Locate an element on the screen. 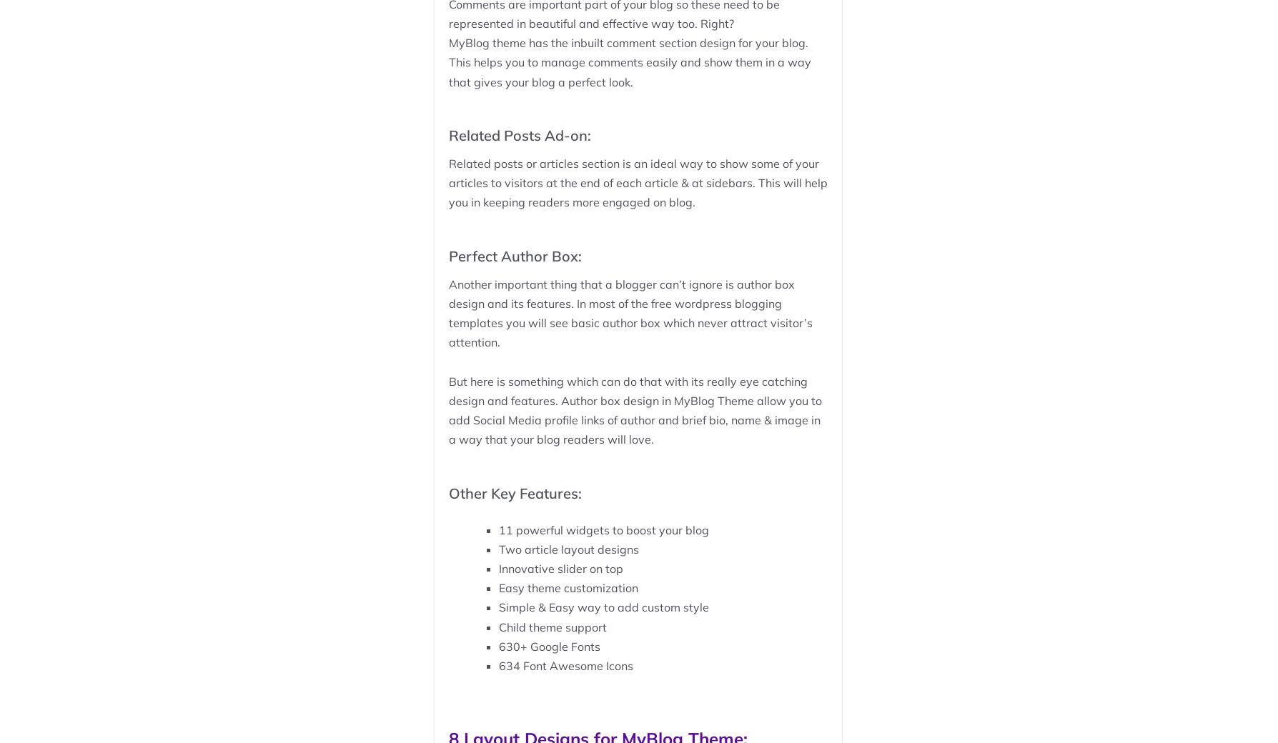 Image resolution: width=1278 pixels, height=743 pixels. 'Related posts or articles section is an ideal way to show some of your articles to visitors at the end of each article & at sidebars. This will help you in keeping readers more engaged on blog.' is located at coordinates (637, 182).